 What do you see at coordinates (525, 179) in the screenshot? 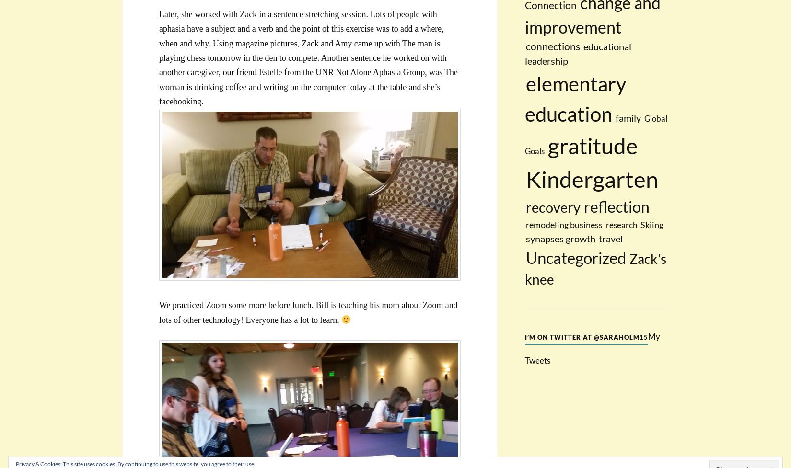
I see `'Kindergarten'` at bounding box center [525, 179].